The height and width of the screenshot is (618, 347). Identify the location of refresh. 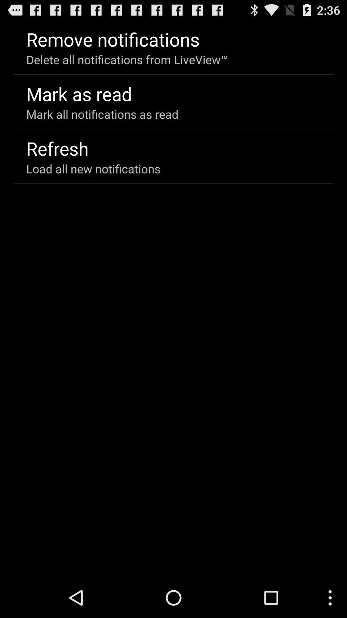
(57, 148).